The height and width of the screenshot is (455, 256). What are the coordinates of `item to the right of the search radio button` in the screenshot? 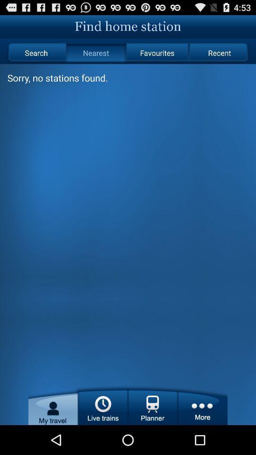 It's located at (96, 53).